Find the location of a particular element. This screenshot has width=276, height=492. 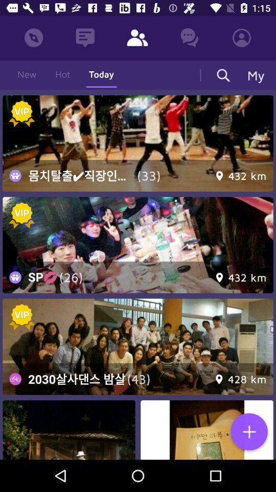

photo is located at coordinates (248, 432).